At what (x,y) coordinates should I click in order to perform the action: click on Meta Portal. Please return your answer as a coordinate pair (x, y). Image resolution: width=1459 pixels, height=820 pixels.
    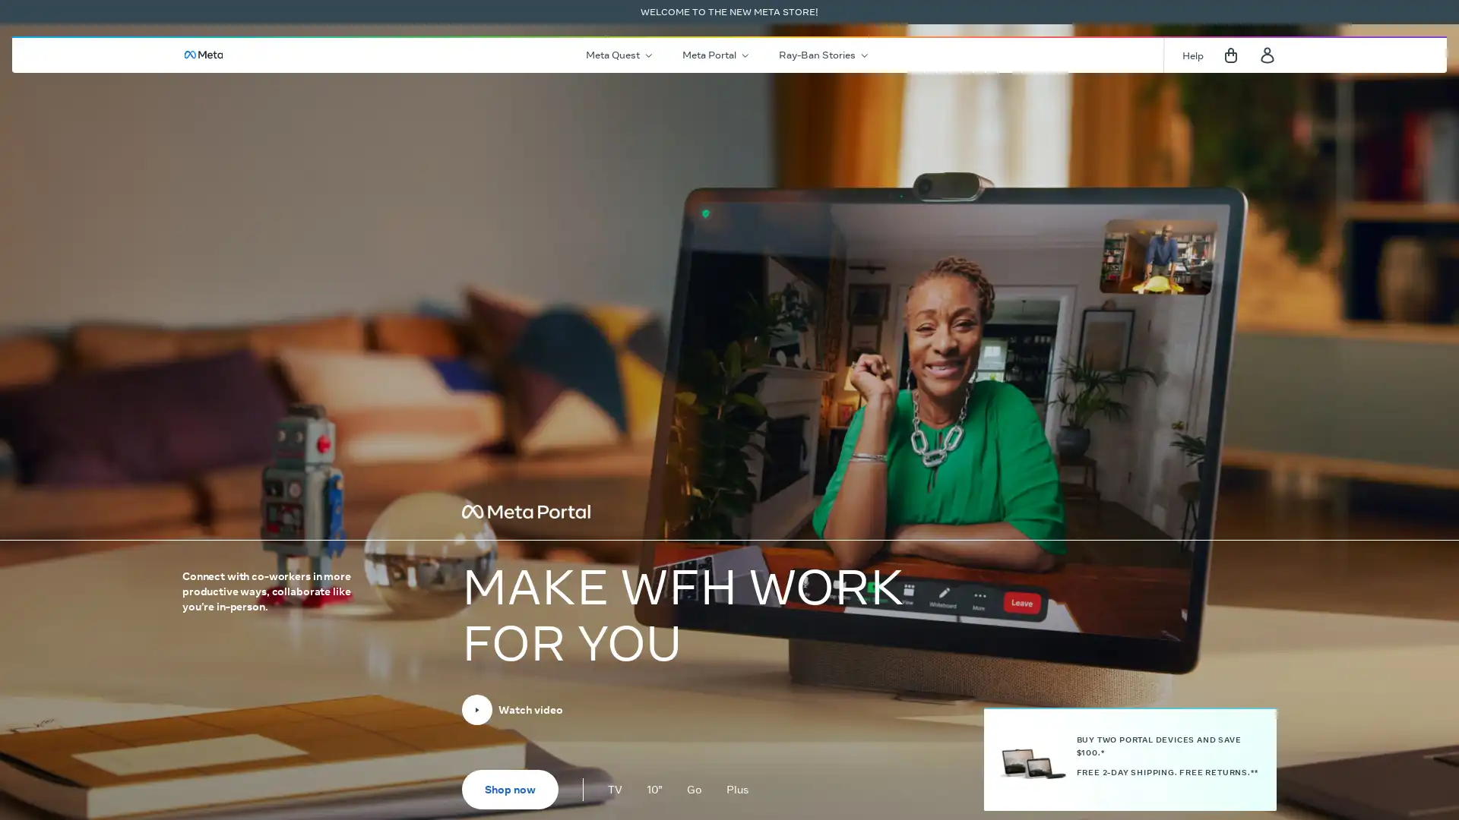
    Looking at the image, I should click on (714, 54).